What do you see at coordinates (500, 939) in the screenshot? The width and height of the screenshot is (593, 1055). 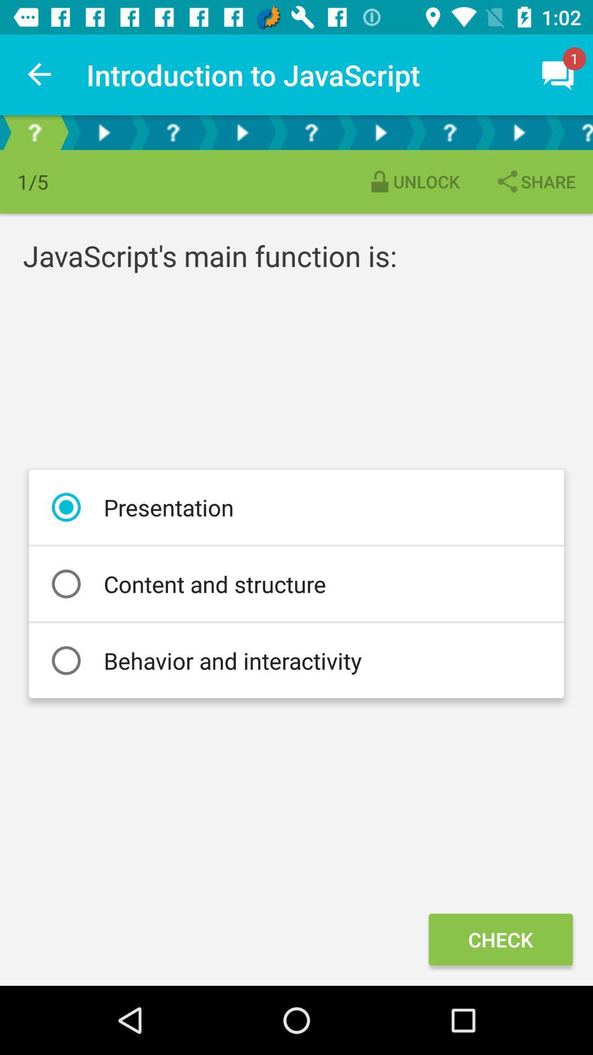 I see `check` at bounding box center [500, 939].